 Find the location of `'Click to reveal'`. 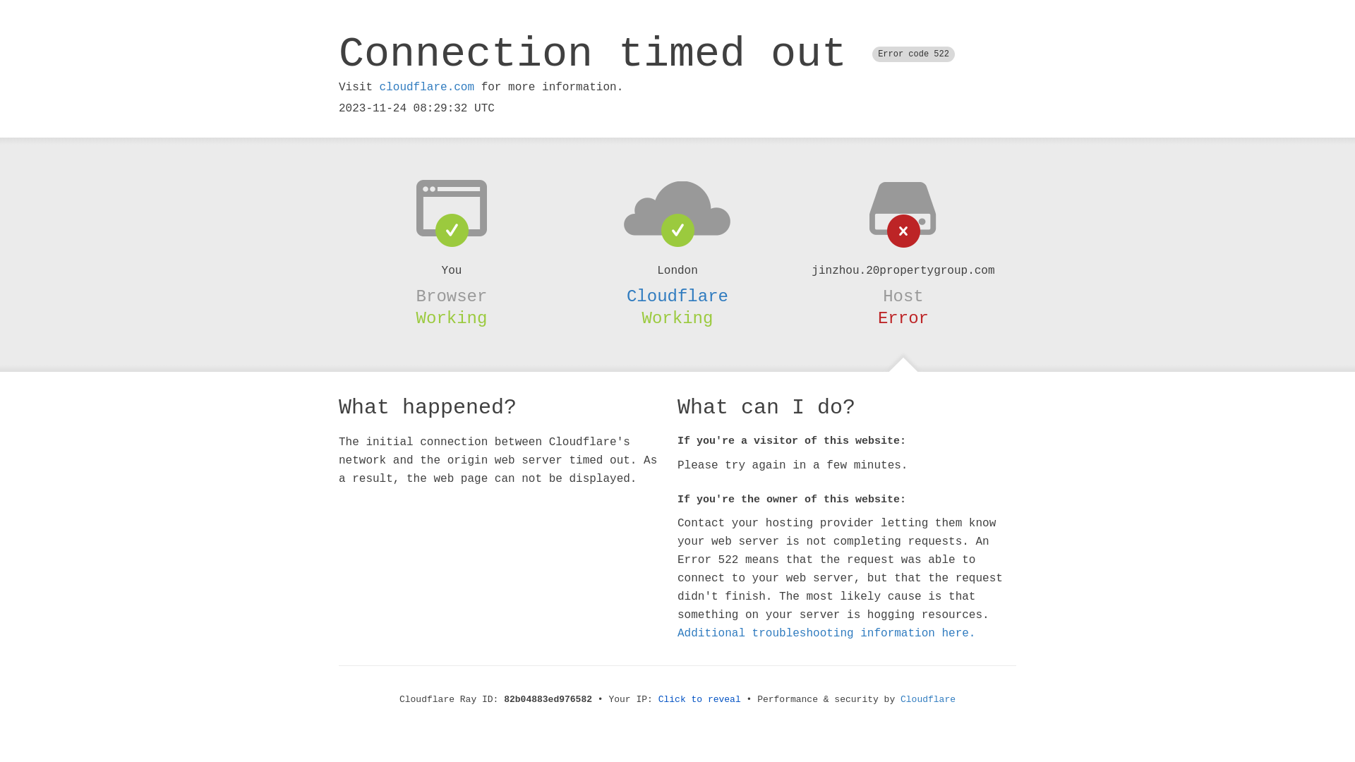

'Click to reveal' is located at coordinates (699, 699).